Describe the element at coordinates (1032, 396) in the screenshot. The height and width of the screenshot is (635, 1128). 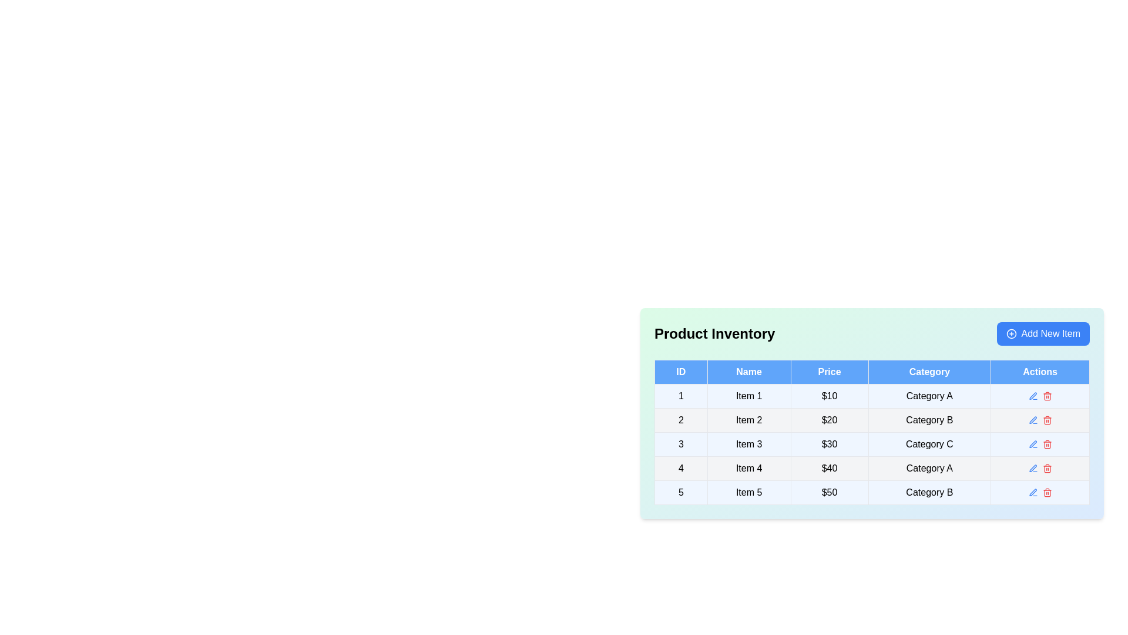
I see `the pen icon button located in the 'Actions' column of the product information table` at that location.